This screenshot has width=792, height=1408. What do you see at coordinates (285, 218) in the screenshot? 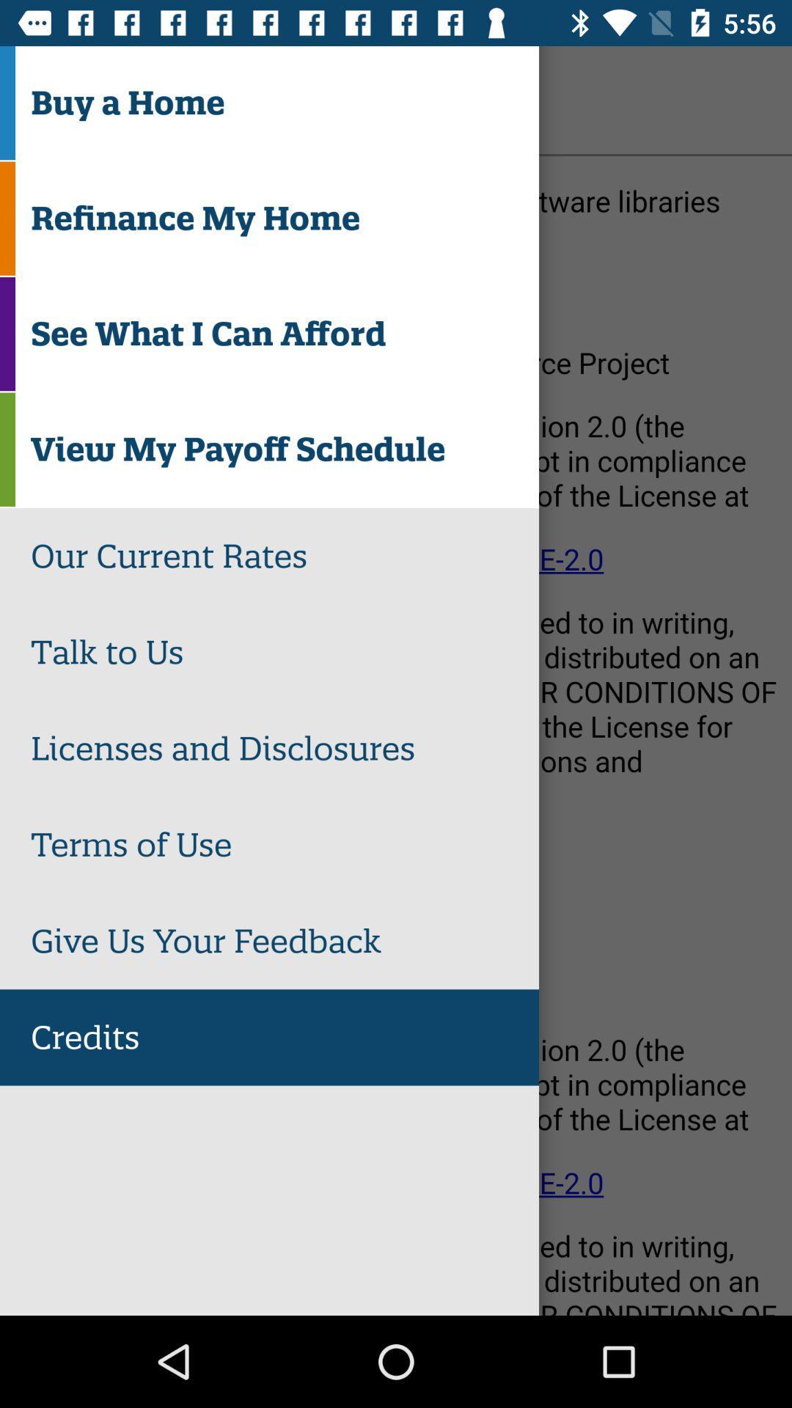
I see `the refinance my home` at bounding box center [285, 218].